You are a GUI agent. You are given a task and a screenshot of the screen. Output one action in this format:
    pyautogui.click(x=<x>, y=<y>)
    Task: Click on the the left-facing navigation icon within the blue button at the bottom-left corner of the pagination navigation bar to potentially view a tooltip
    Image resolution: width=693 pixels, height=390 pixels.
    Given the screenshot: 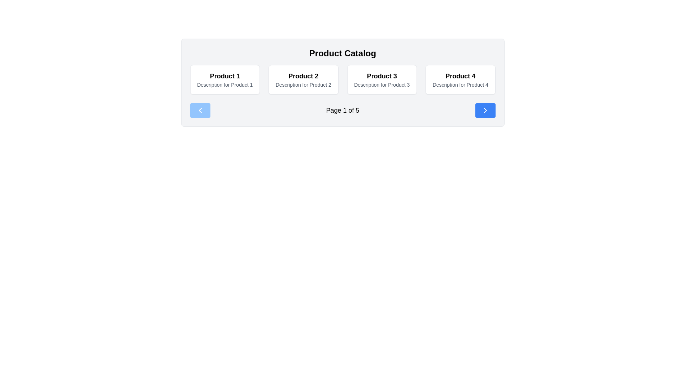 What is the action you would take?
    pyautogui.click(x=200, y=110)
    